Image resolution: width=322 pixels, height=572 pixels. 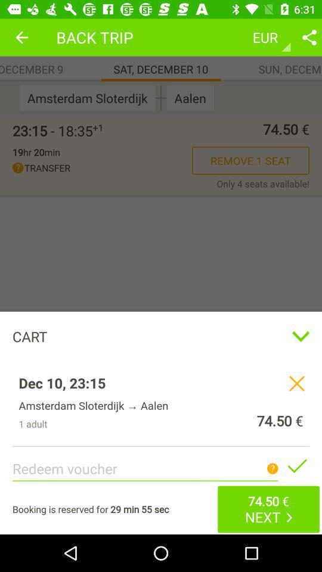 What do you see at coordinates (161, 97) in the screenshot?
I see `the item to the right of amsterdam sloterdijk icon` at bounding box center [161, 97].